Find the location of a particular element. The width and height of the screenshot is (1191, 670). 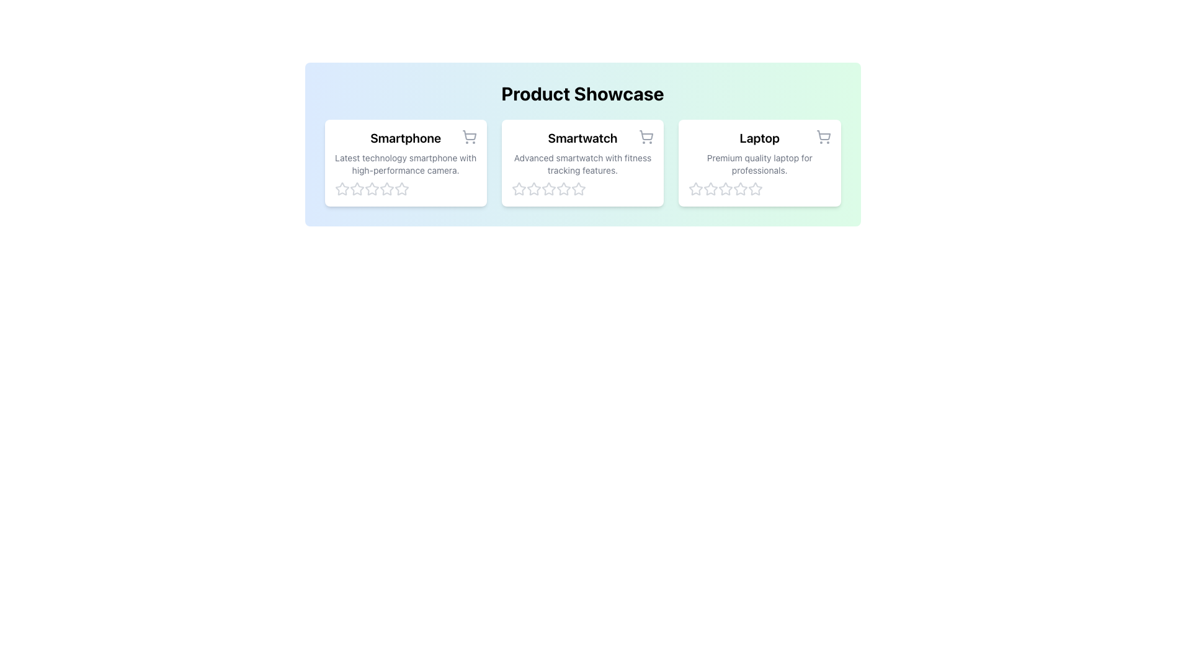

text element displaying 'Premium quality laptop for professionals.' which is located centrally below the title 'Laptop' within the card on the far-right of the 'Product Showcase' is located at coordinates (759, 164).